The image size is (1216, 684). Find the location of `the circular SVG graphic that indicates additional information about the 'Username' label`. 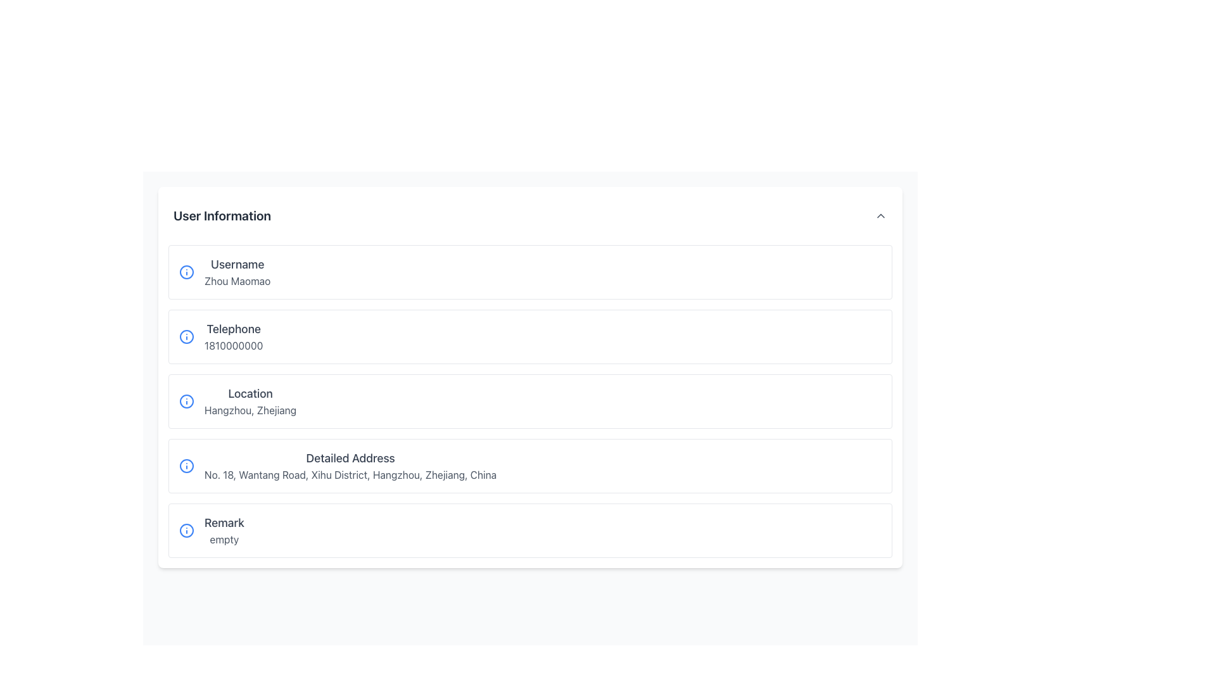

the circular SVG graphic that indicates additional information about the 'Username' label is located at coordinates (186, 271).